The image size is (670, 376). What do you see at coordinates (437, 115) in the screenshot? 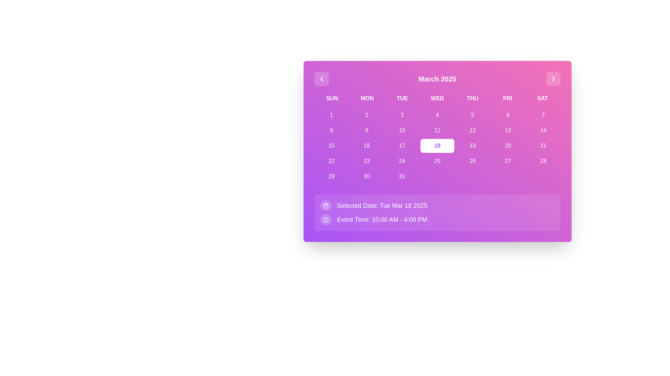
I see `the button labeled '4' in the calendar layout` at bounding box center [437, 115].